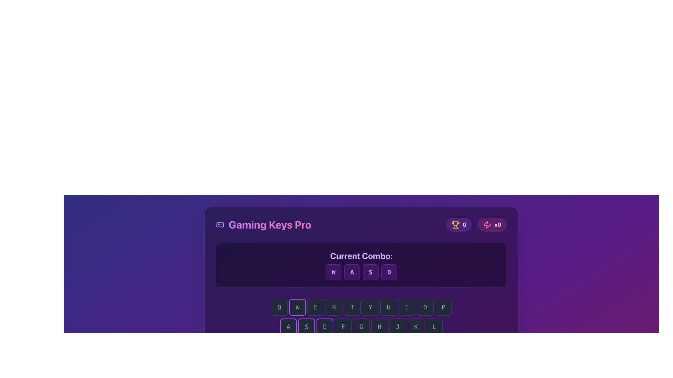 The width and height of the screenshot is (673, 378). I want to click on the 'H' button on the virtual keyboard, which is the sixth button in a horizontal row located between the 'G' and 'J' buttons, to use it as part of a combo or sequence, so click(379, 327).